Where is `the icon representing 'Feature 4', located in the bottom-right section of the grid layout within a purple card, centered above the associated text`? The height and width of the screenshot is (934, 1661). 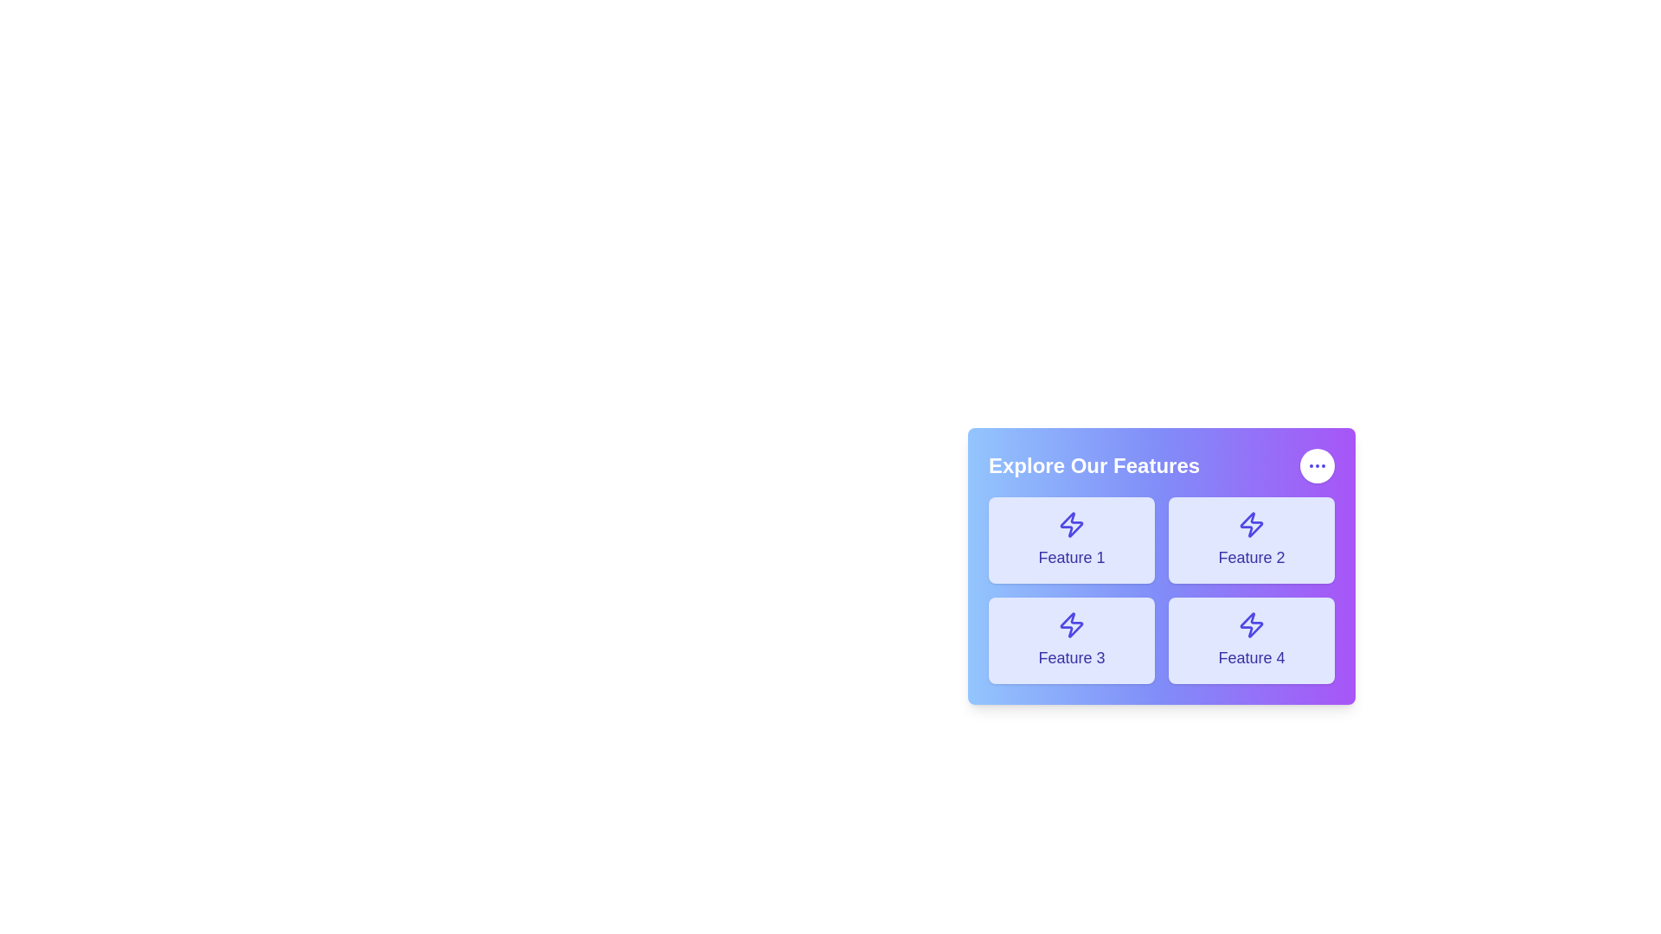
the icon representing 'Feature 4', located in the bottom-right section of the grid layout within a purple card, centered above the associated text is located at coordinates (1251, 624).